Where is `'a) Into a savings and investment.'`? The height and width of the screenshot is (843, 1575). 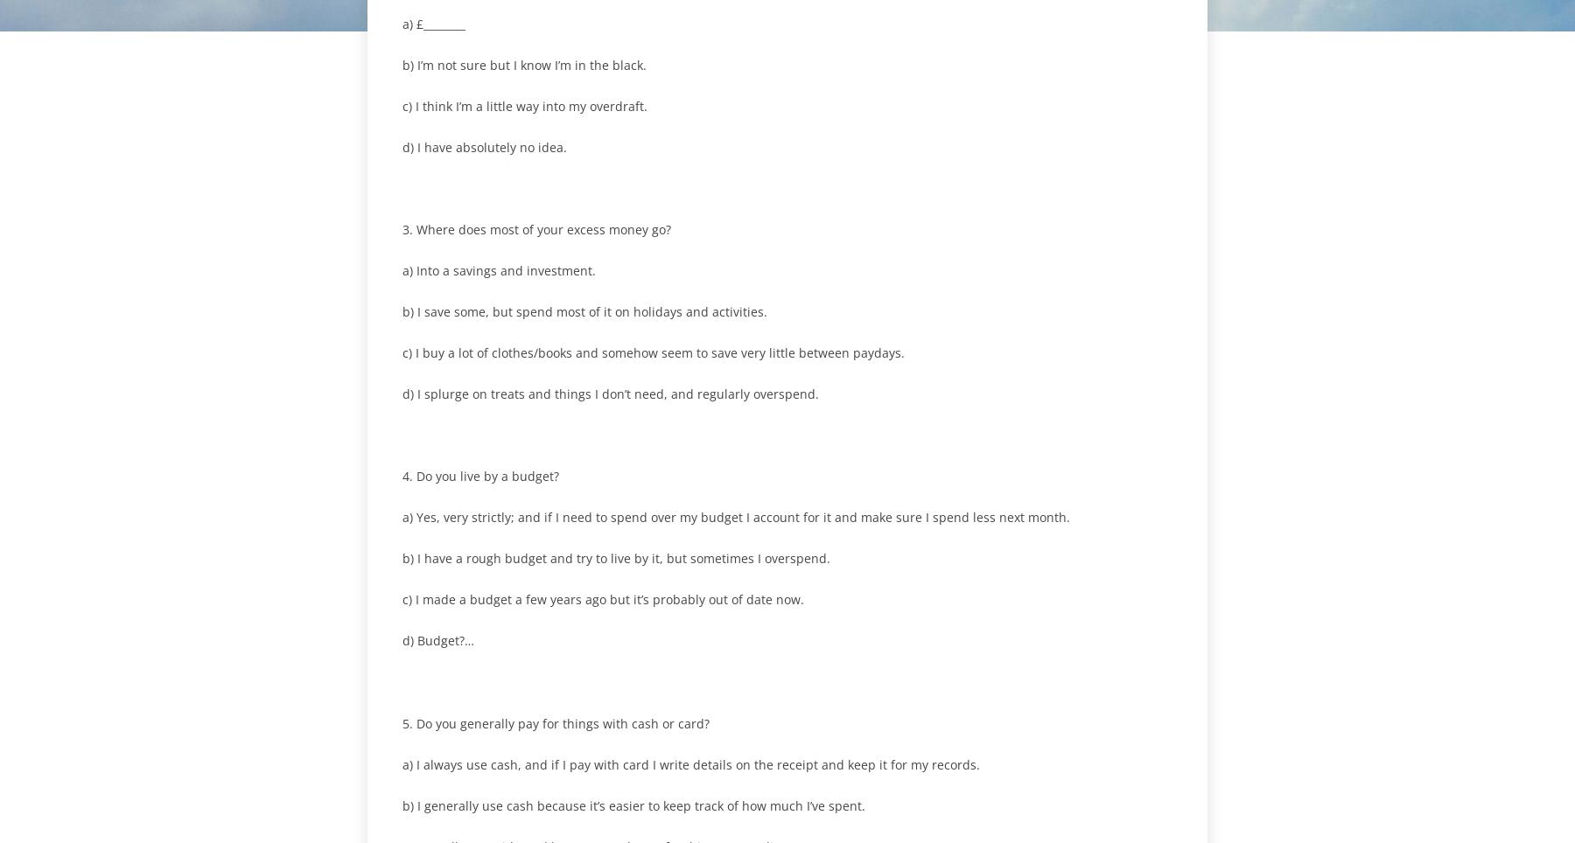
'a) Into a savings and investment.' is located at coordinates (499, 270).